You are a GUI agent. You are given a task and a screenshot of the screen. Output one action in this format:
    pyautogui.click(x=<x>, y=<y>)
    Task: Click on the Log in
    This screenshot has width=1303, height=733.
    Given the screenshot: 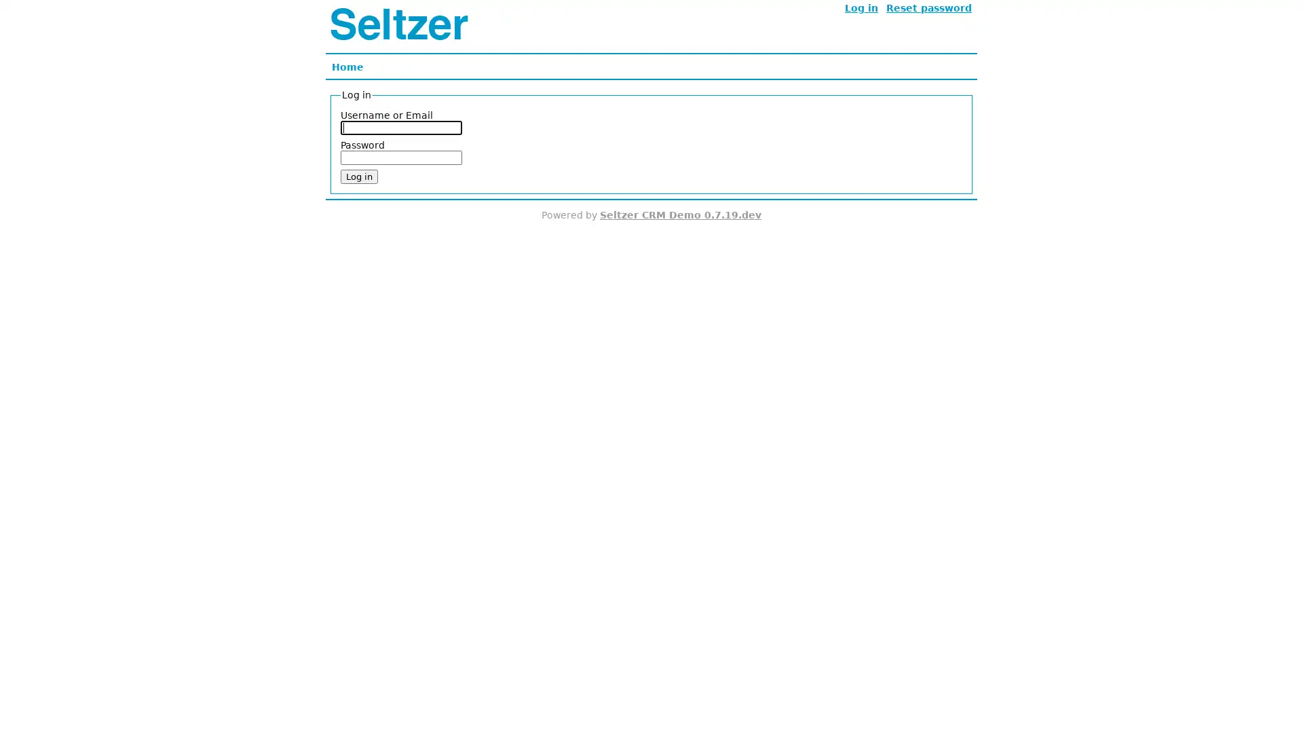 What is the action you would take?
    pyautogui.click(x=359, y=176)
    